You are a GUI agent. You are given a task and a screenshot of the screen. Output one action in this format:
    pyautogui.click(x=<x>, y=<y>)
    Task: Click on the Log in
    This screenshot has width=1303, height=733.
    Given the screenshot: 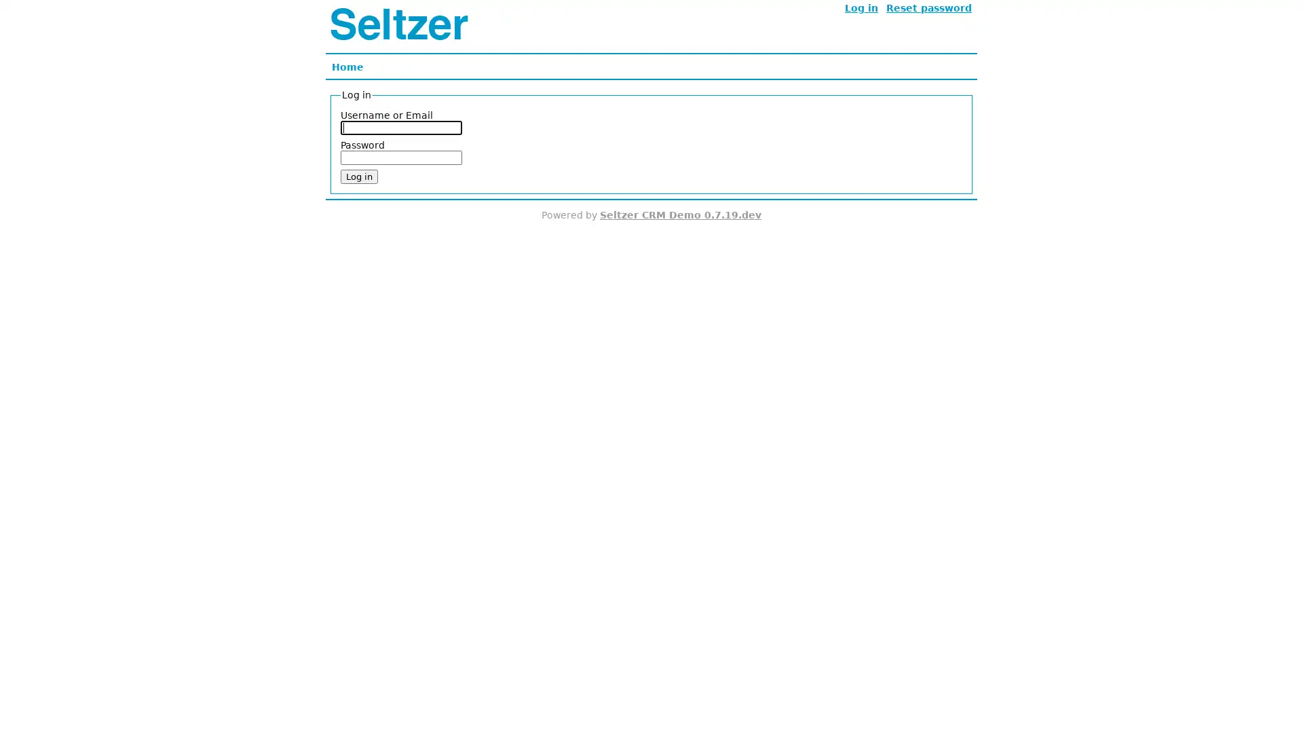 What is the action you would take?
    pyautogui.click(x=359, y=176)
    